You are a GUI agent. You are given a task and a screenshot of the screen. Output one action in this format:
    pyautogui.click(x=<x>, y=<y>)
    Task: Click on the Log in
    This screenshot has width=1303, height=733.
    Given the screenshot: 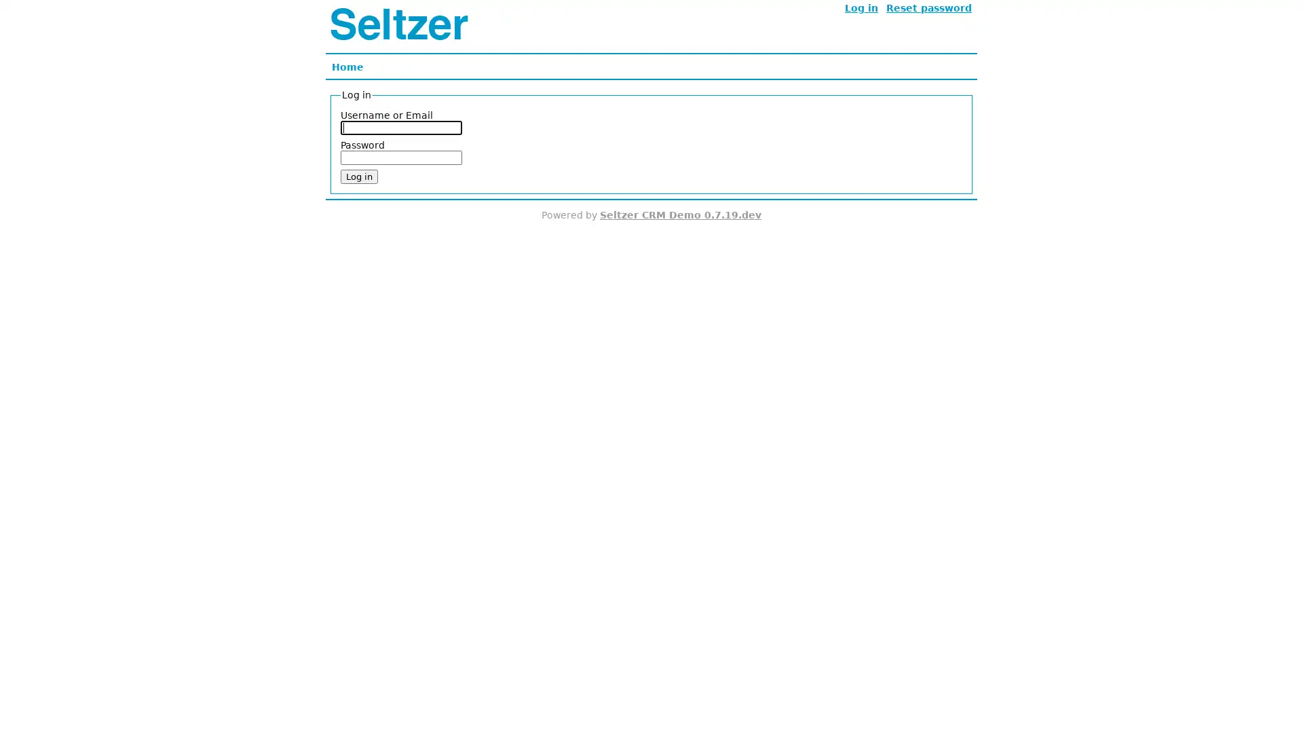 What is the action you would take?
    pyautogui.click(x=359, y=176)
    